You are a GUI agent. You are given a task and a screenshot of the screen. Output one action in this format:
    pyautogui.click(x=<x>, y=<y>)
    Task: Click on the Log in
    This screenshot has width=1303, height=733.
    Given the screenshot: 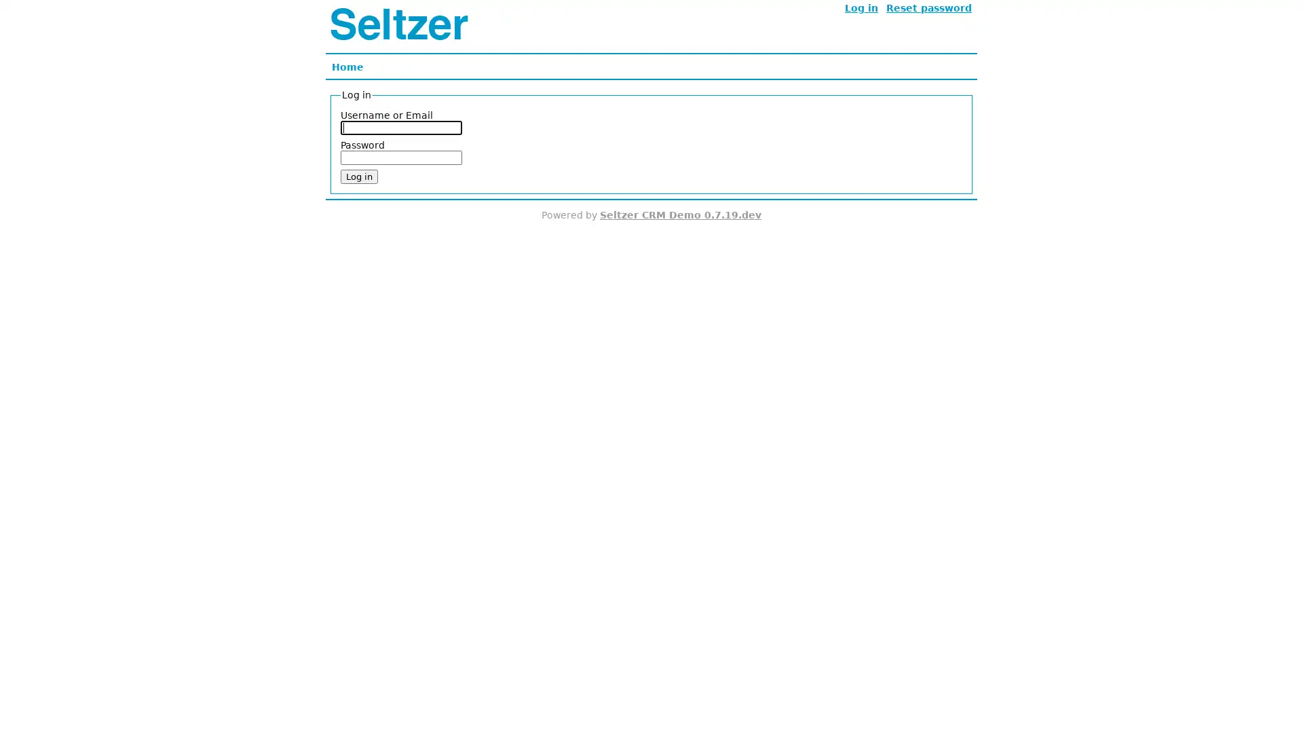 What is the action you would take?
    pyautogui.click(x=359, y=176)
    